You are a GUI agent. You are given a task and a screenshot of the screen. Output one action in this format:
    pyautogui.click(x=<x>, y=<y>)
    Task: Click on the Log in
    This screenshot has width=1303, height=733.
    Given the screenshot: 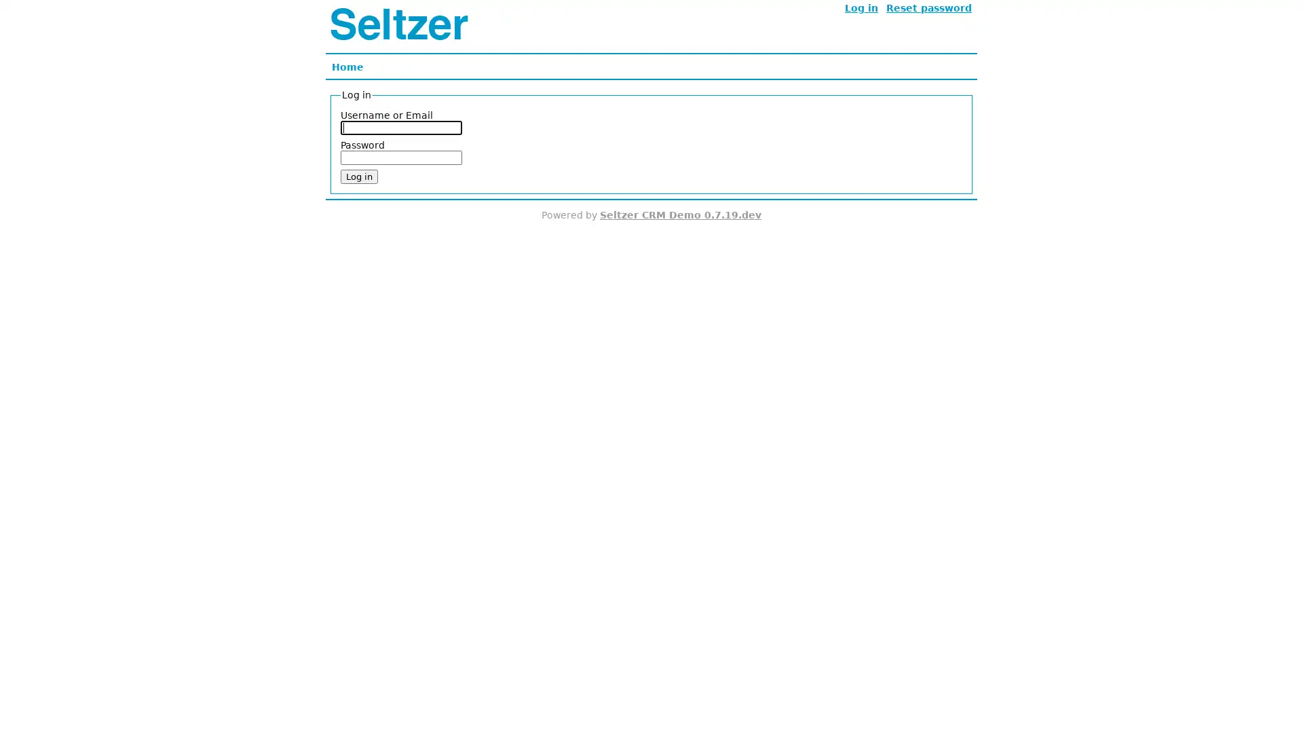 What is the action you would take?
    pyautogui.click(x=359, y=176)
    